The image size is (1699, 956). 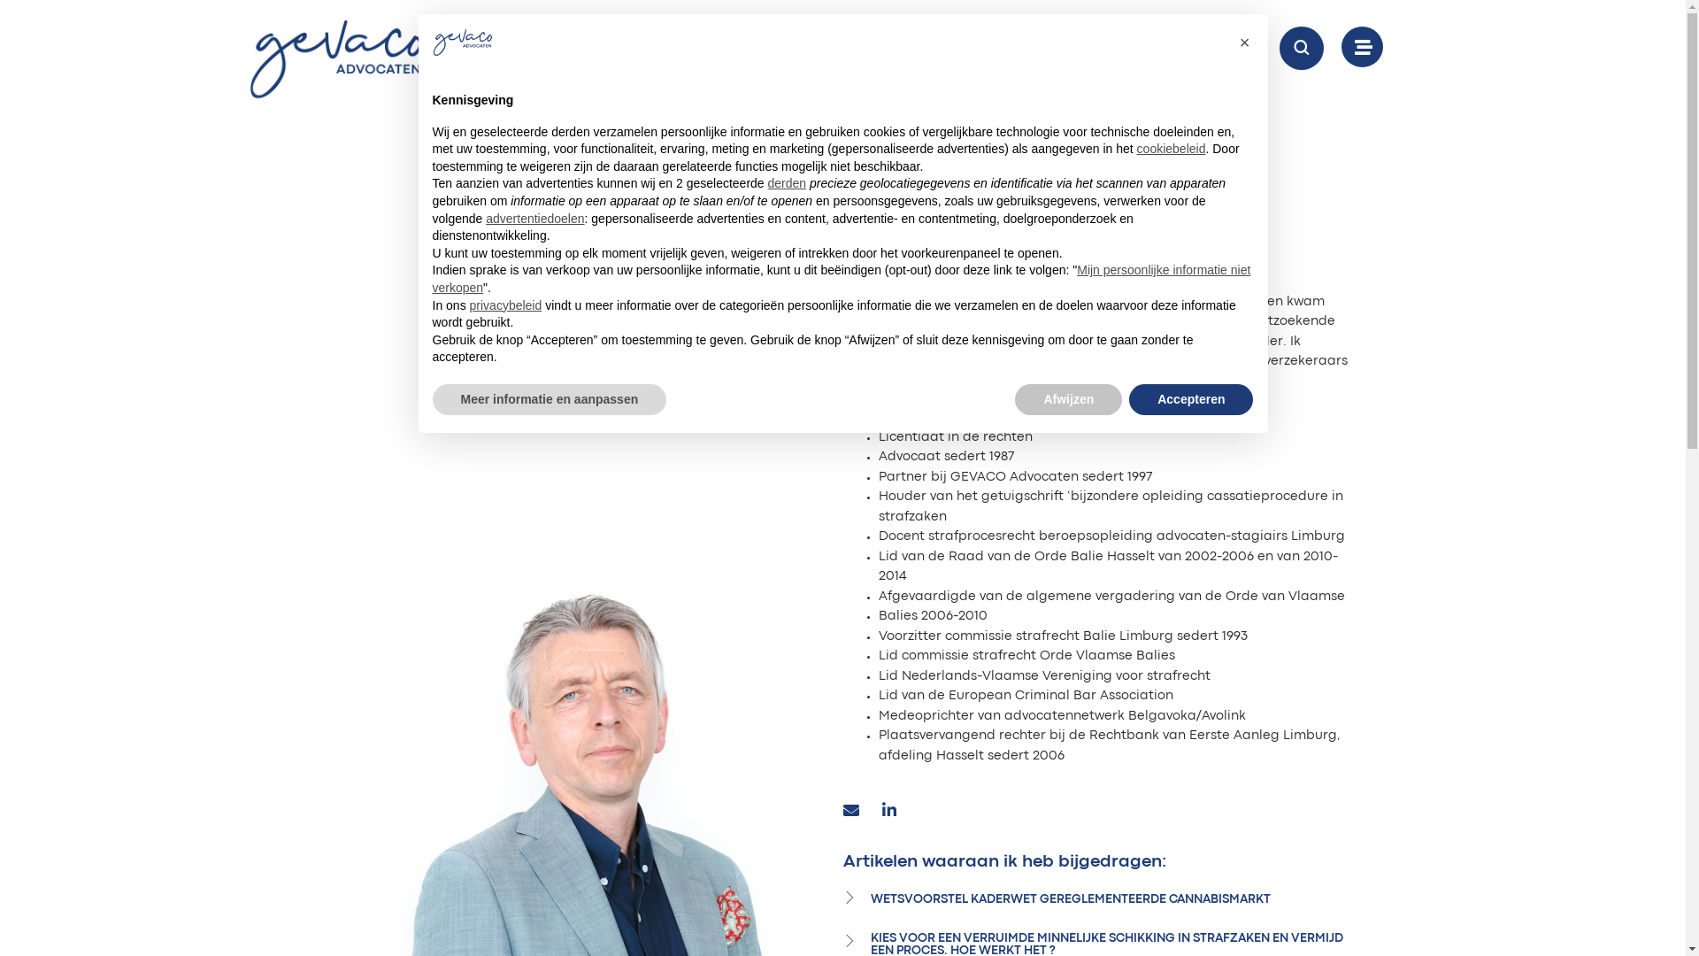 I want to click on 'Accepteren', so click(x=1190, y=399).